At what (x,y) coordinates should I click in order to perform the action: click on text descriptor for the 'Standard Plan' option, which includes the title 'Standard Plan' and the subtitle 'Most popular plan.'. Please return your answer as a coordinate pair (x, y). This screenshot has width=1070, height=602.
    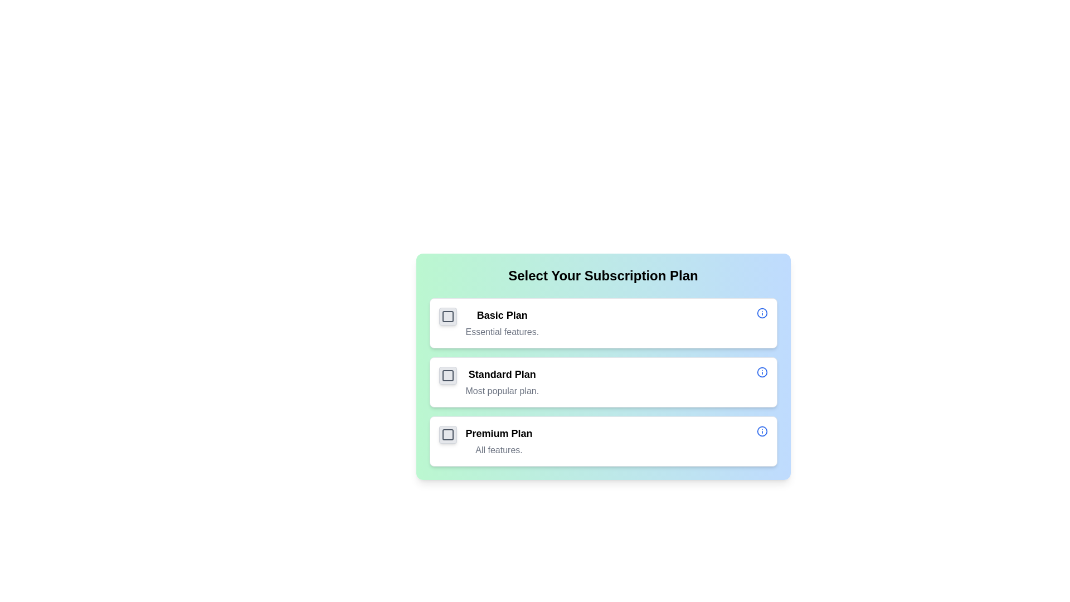
    Looking at the image, I should click on (502, 382).